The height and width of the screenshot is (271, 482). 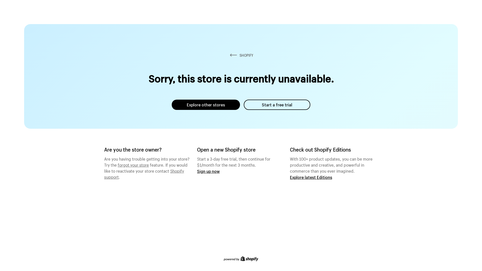 I want to click on 'Sign up now', so click(x=197, y=171).